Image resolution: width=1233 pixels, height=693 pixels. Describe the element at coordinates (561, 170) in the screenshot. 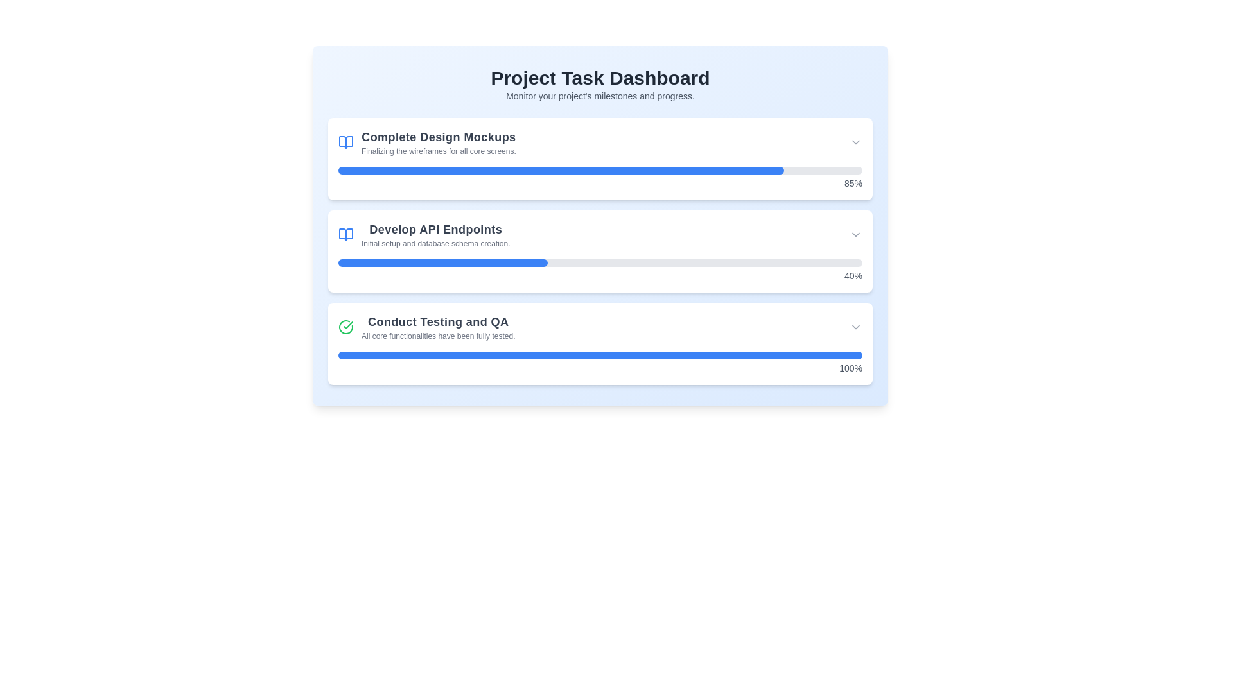

I see `the progress bar representing the task 'Complete Design Mockups' within the 'Project Task Dashboard'` at that location.